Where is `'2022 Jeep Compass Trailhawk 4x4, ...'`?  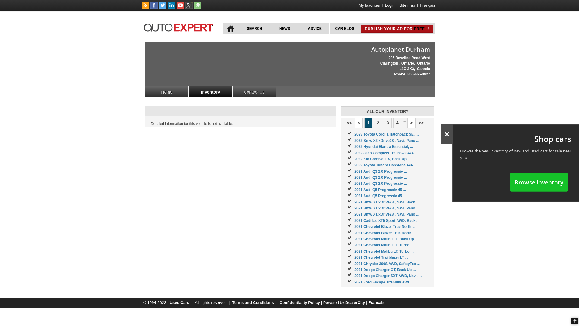
'2022 Jeep Compass Trailhawk 4x4, ...' is located at coordinates (354, 152).